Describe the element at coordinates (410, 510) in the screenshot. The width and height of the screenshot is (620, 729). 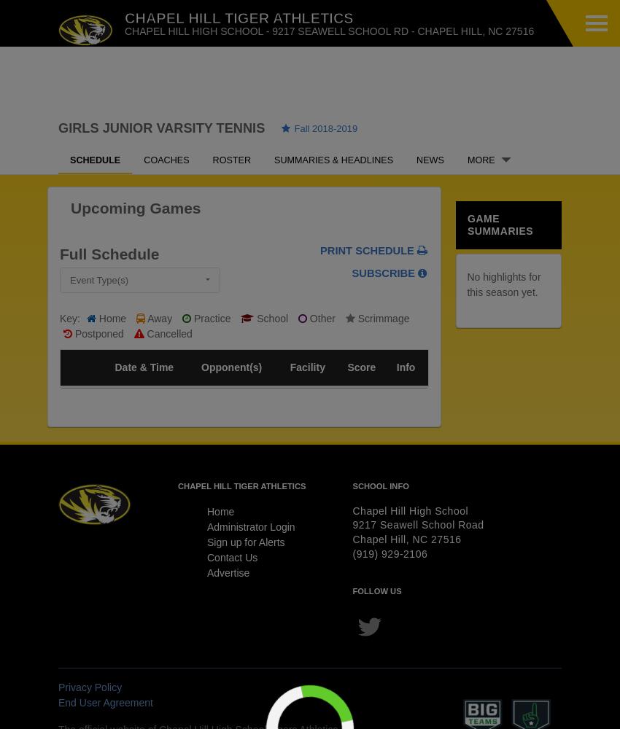
I see `'Chapel Hill High School'` at that location.